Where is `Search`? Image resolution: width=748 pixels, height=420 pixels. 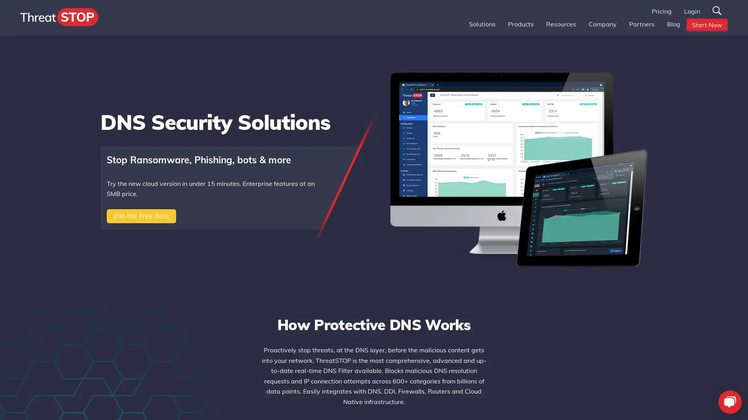
Search is located at coordinates (716, 11).